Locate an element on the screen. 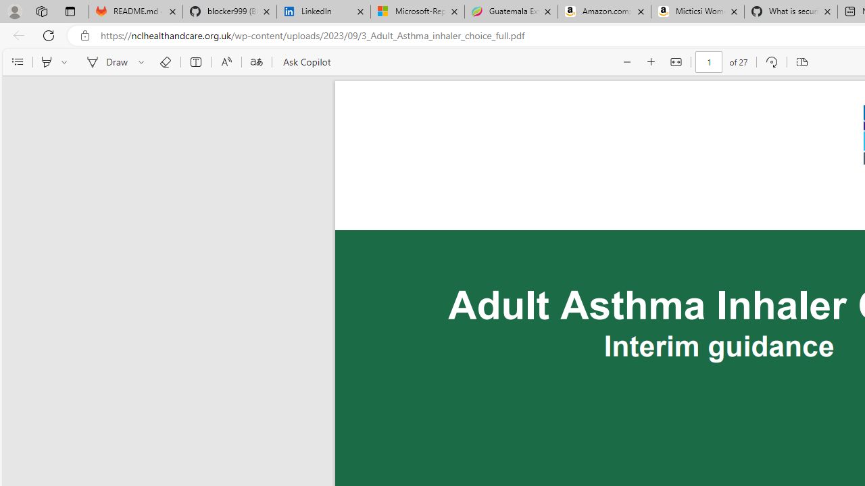 The width and height of the screenshot is (865, 486). 'Page number' is located at coordinates (708, 62).